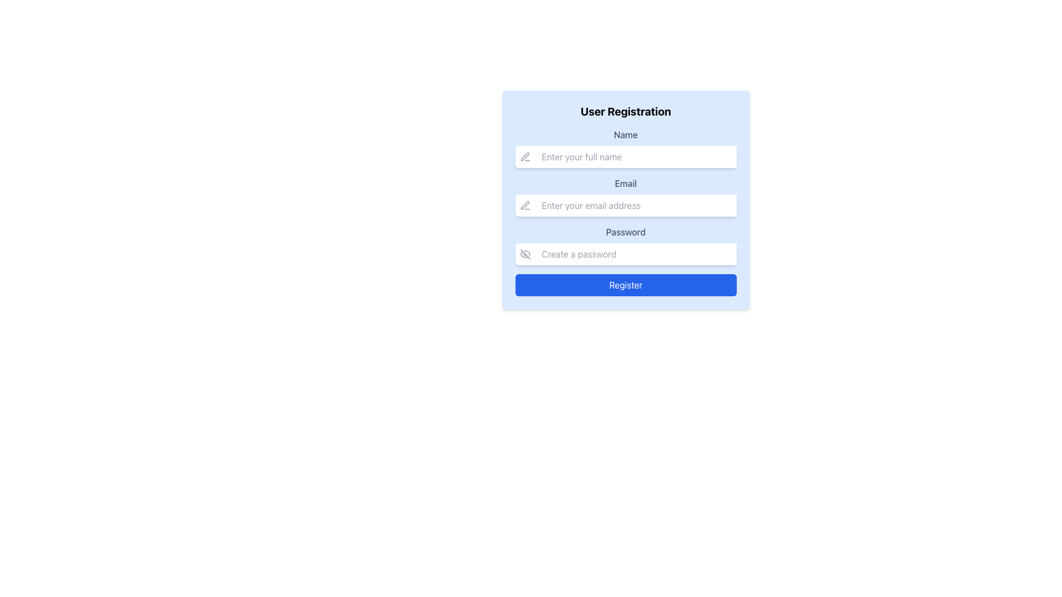  Describe the element at coordinates (626, 182) in the screenshot. I see `the 'Email' label element, which is styled with medium font weight and gray color, located in the center of the registration form above the email input field` at that location.